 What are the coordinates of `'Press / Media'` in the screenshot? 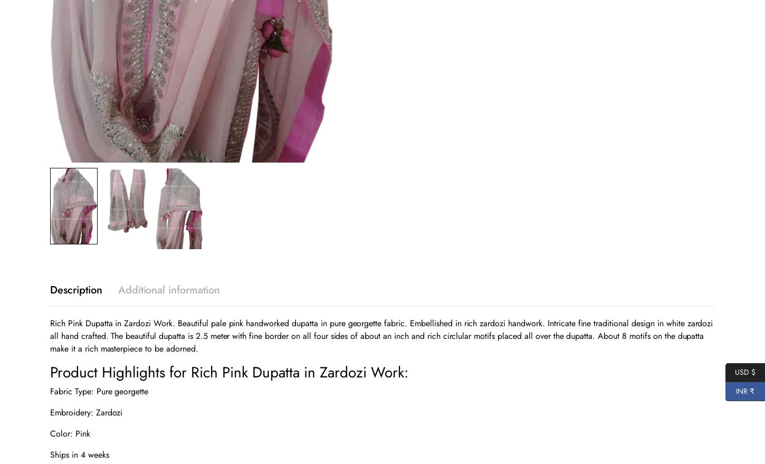 It's located at (412, 403).